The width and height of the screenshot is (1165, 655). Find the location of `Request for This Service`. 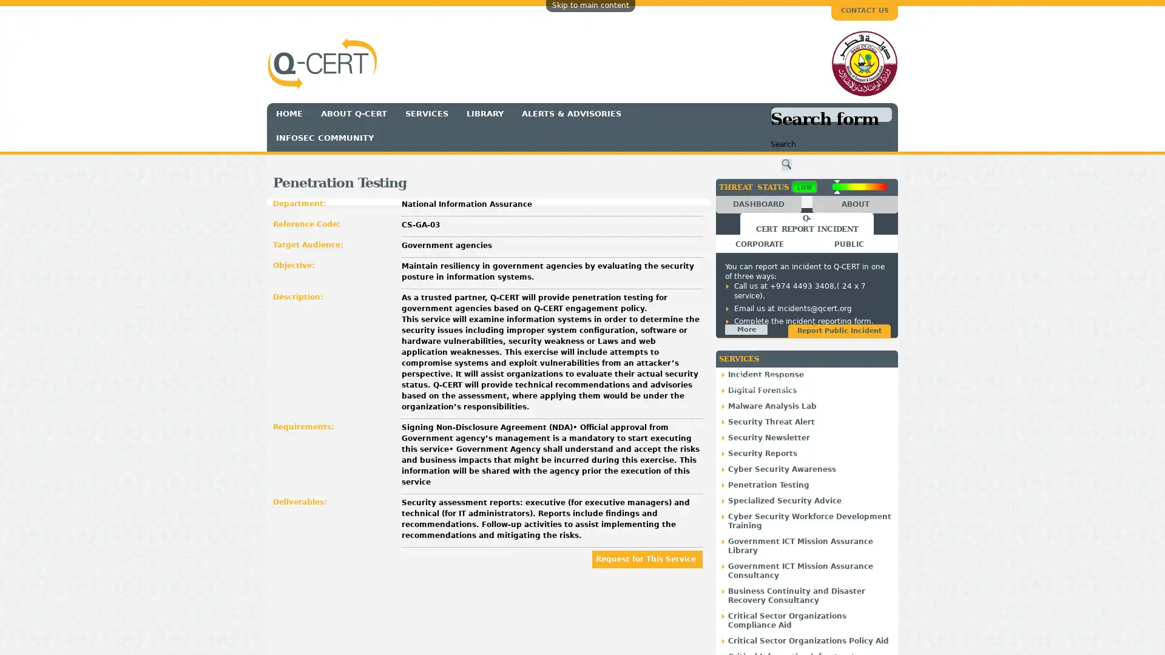

Request for This Service is located at coordinates (646, 559).